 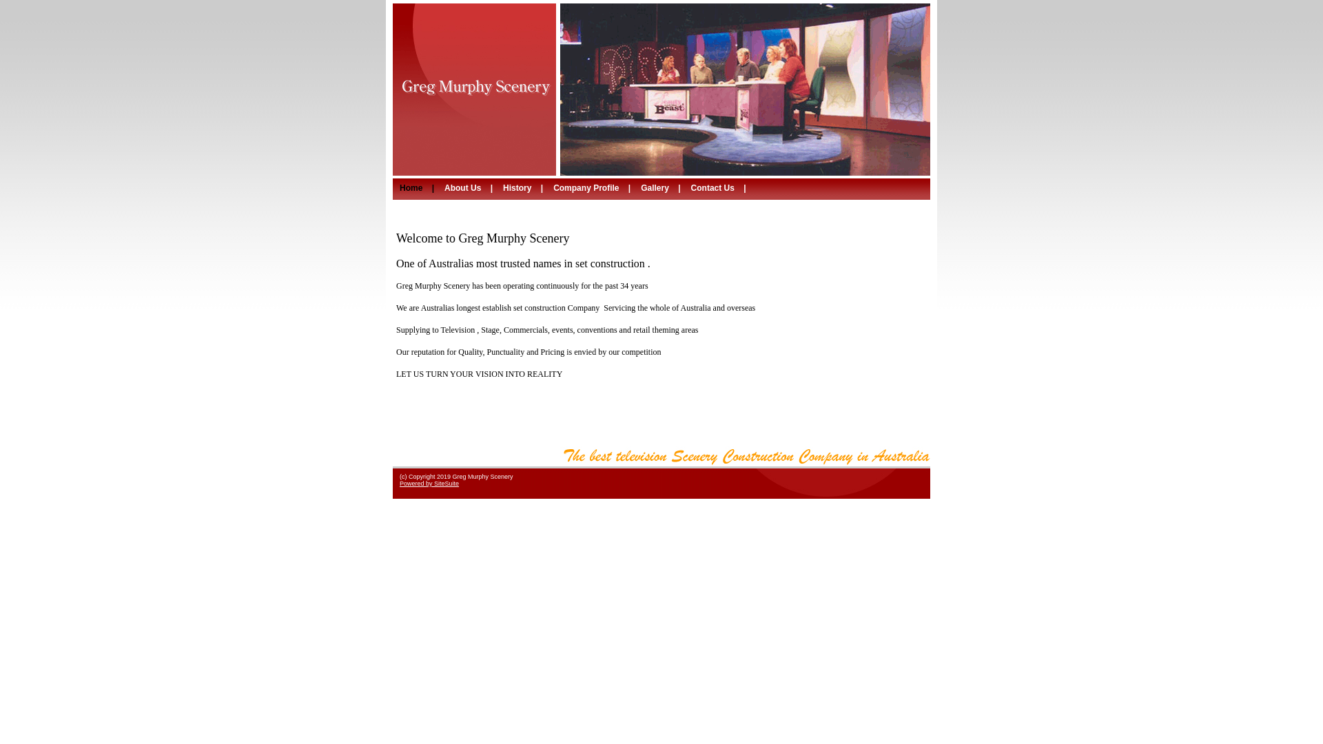 I want to click on 'Gallery    |   ', so click(x=661, y=188).